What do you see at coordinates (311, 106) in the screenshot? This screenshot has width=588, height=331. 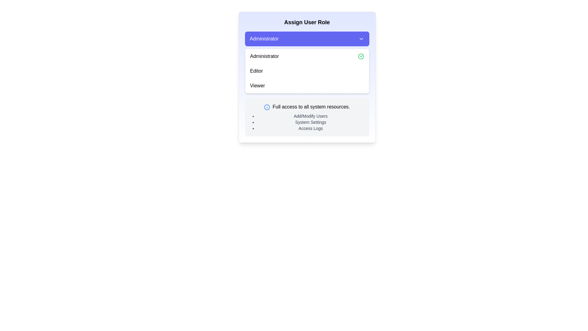 I see `the text label displaying 'Full access to all system resources.' which is styled with a light gray background and positioned next to an icon, beneath the 'Assign User Role' dropdown menu` at bounding box center [311, 106].